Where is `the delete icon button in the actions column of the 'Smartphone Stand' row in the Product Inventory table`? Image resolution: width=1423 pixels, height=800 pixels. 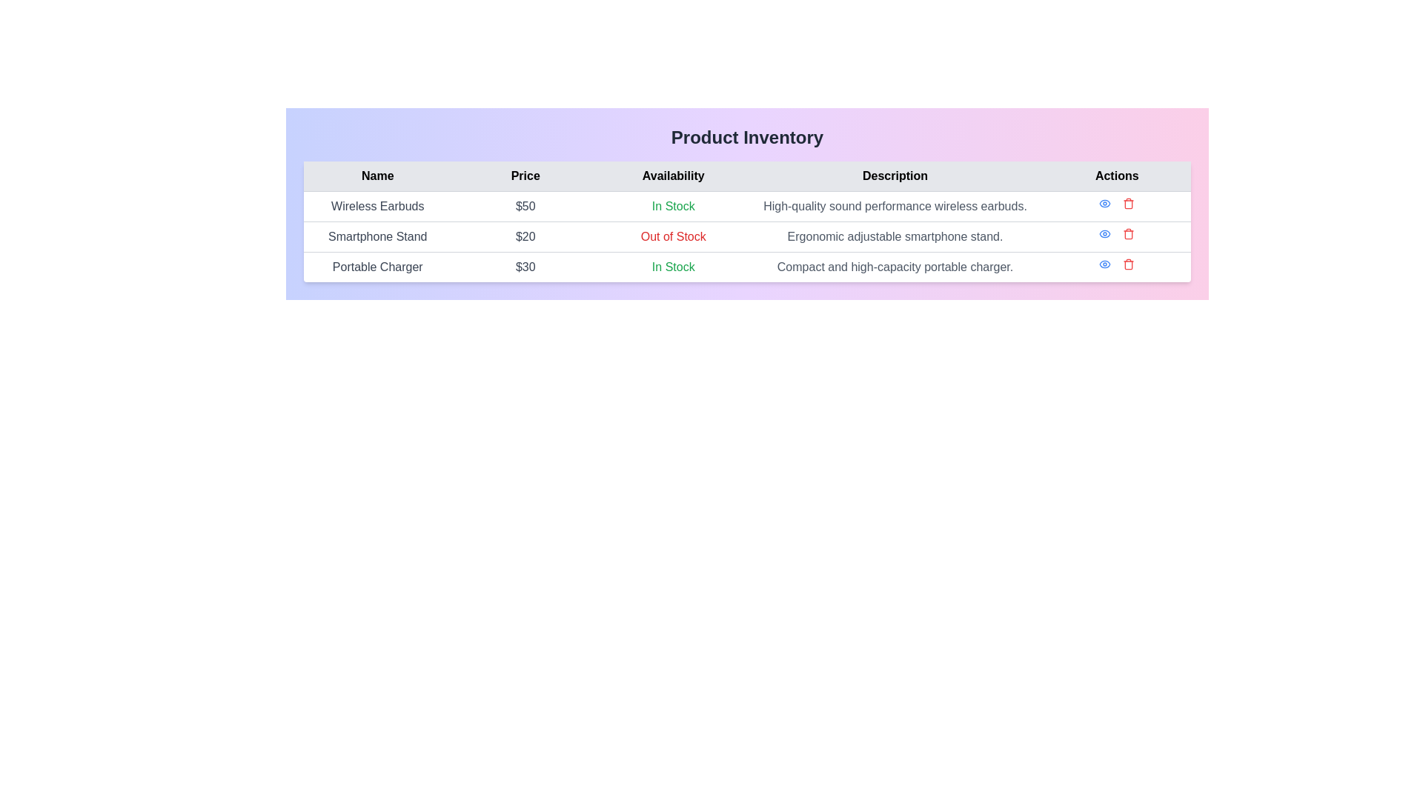
the delete icon button in the actions column of the 'Smartphone Stand' row in the Product Inventory table is located at coordinates (1128, 233).